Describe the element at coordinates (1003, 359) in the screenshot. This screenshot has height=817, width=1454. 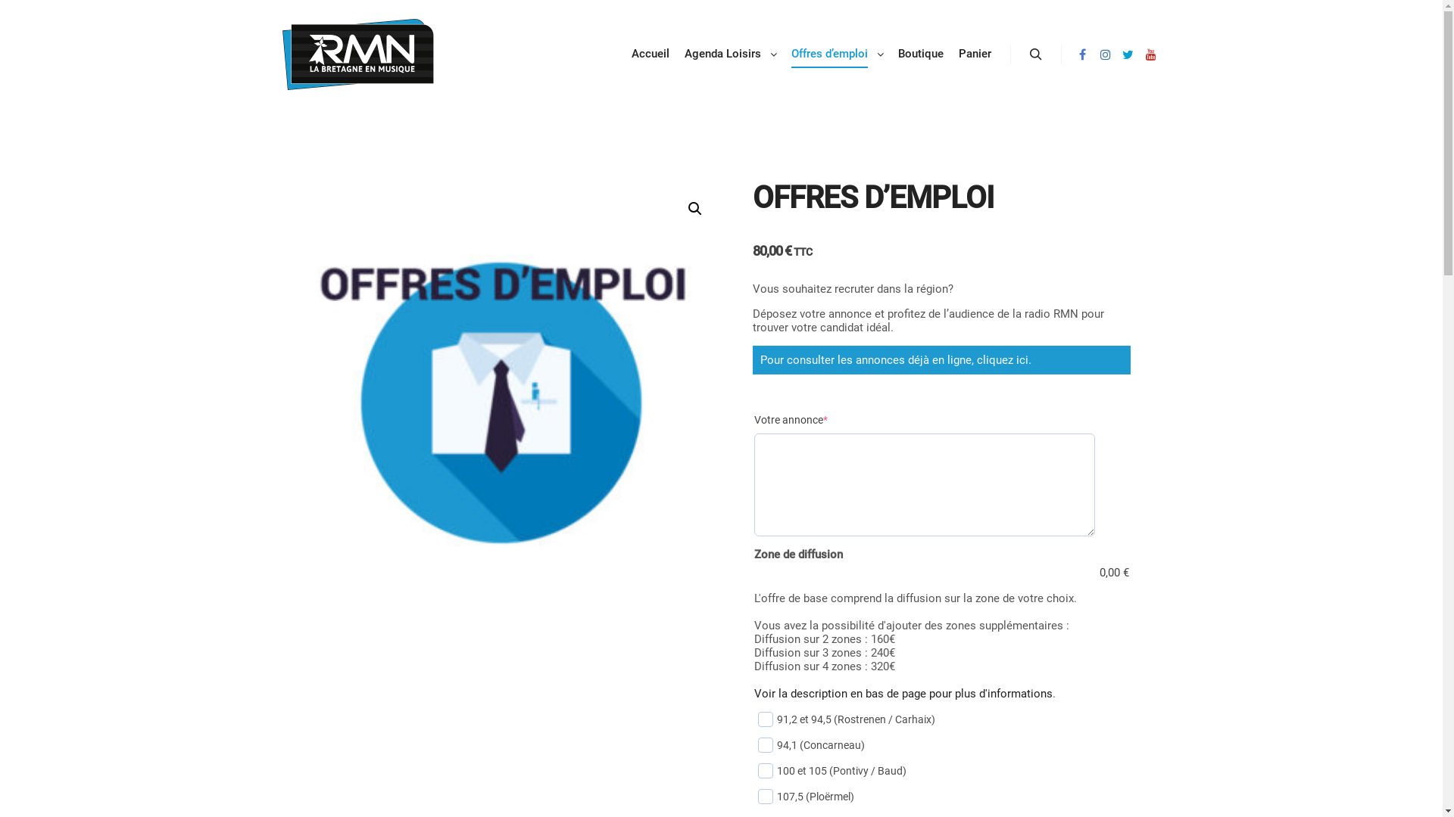
I see `'cliquez ici'` at that location.